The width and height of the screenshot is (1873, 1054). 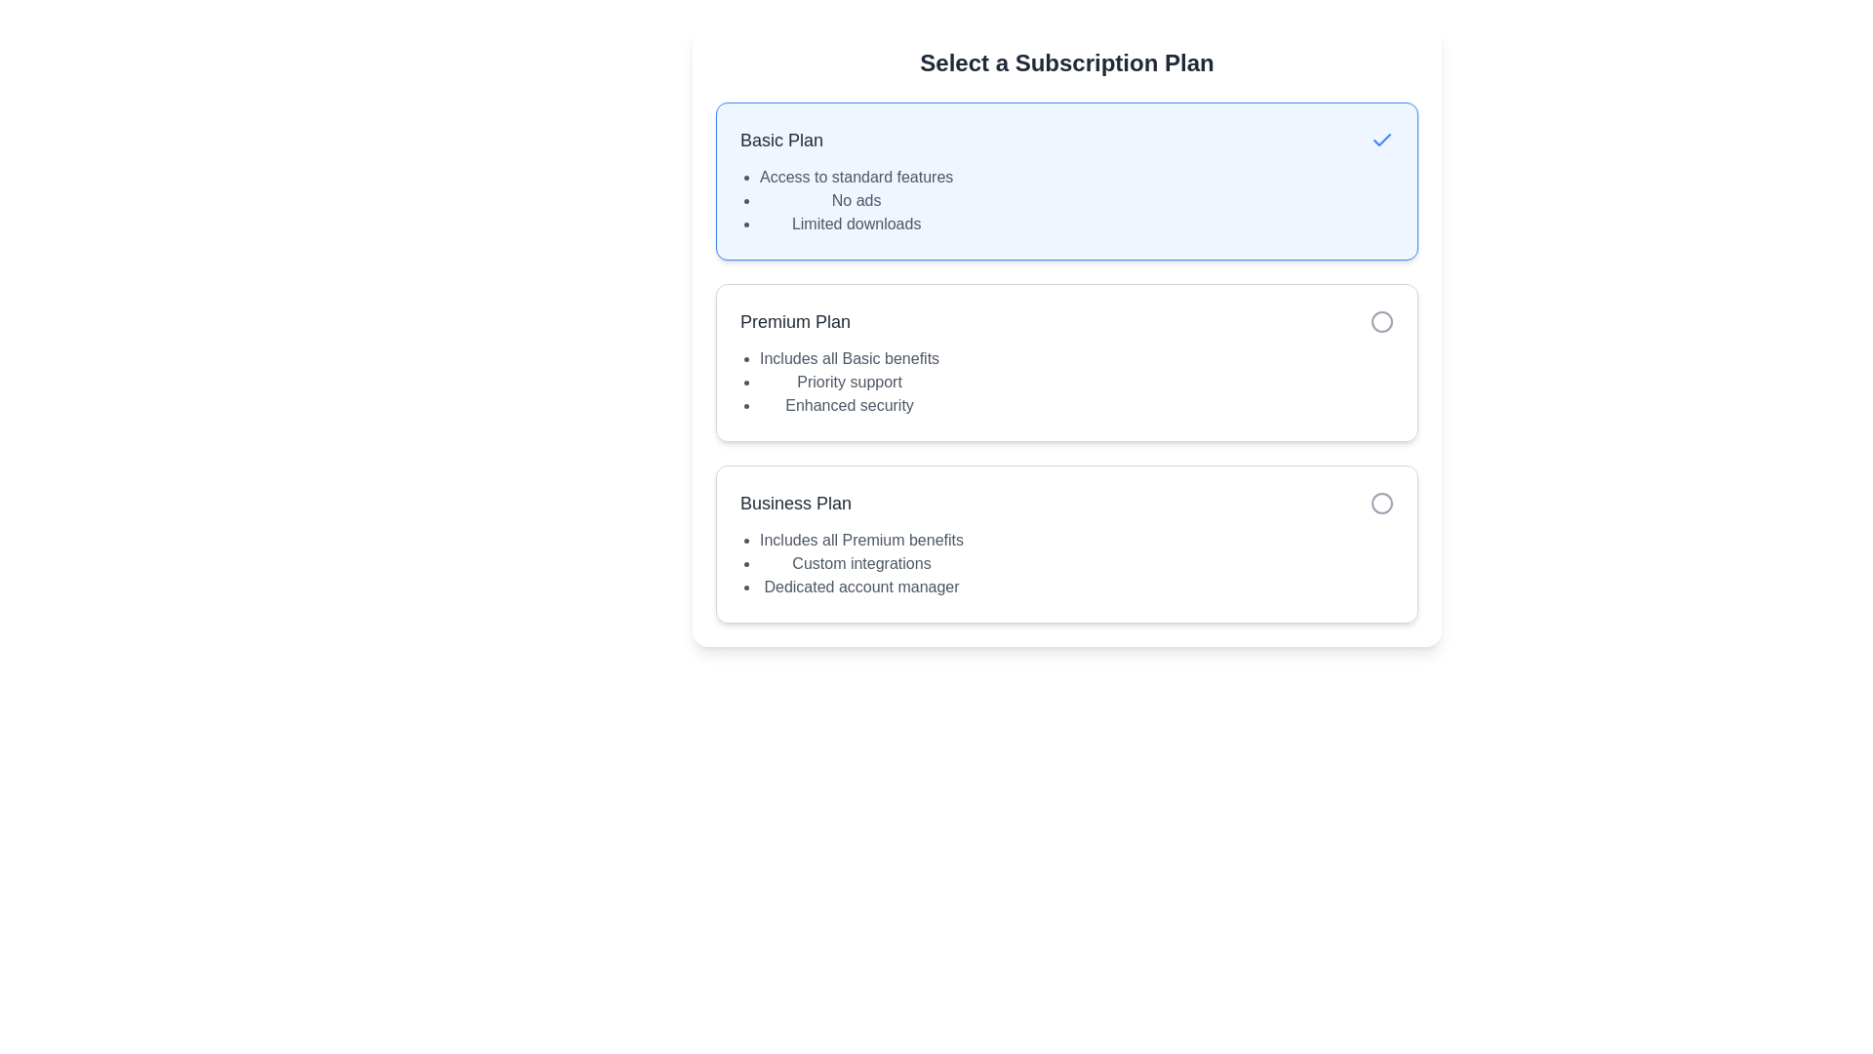 I want to click on the text label that indicates the Premium Plan includes priority customer support, which is the second item in a bullet list within the Premium Plan section, so click(x=850, y=383).